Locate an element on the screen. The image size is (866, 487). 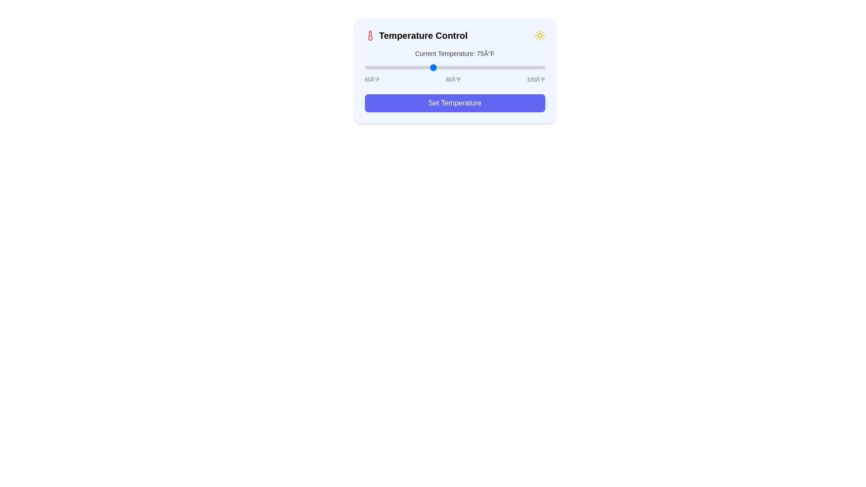
the slider to set the temperature value, which is positioned under the label 'Current Temperature: 75°F' and between the labels '60°F' and '100°F' is located at coordinates (455, 67).